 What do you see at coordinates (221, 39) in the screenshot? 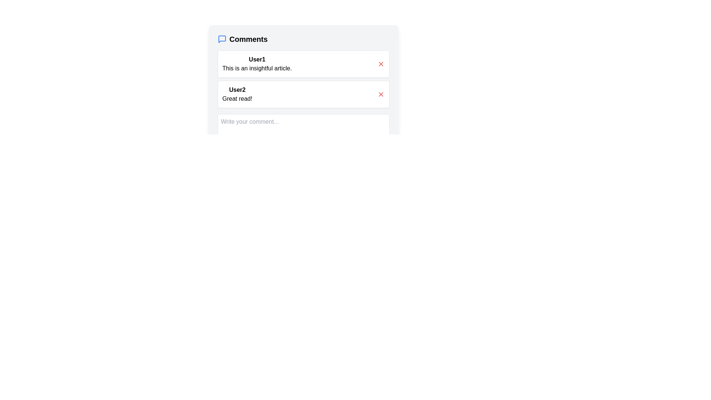
I see `the speech bubble icon located in the top-left corner of the comment section header, which is styled in blue and symbolizes comments or messages` at bounding box center [221, 39].